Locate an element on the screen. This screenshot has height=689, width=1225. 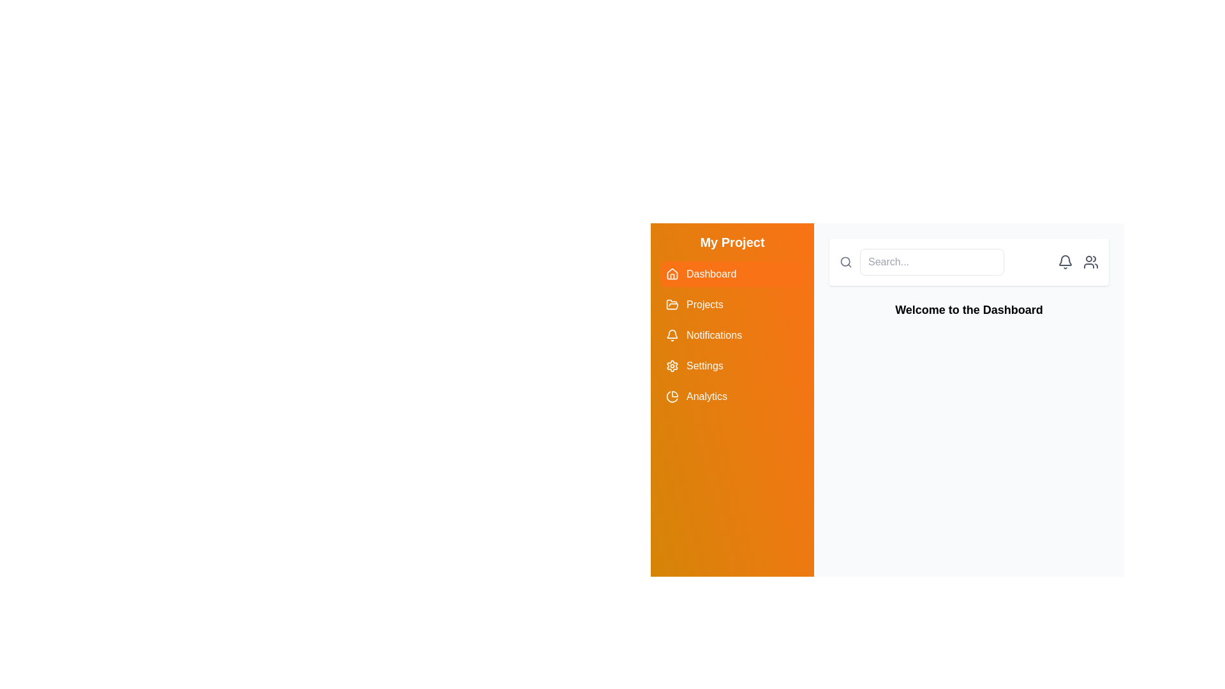
the 'Dashboard' text label styled in white font against an orange background, located in the left menu panel under the 'My Project' title is located at coordinates (711, 273).